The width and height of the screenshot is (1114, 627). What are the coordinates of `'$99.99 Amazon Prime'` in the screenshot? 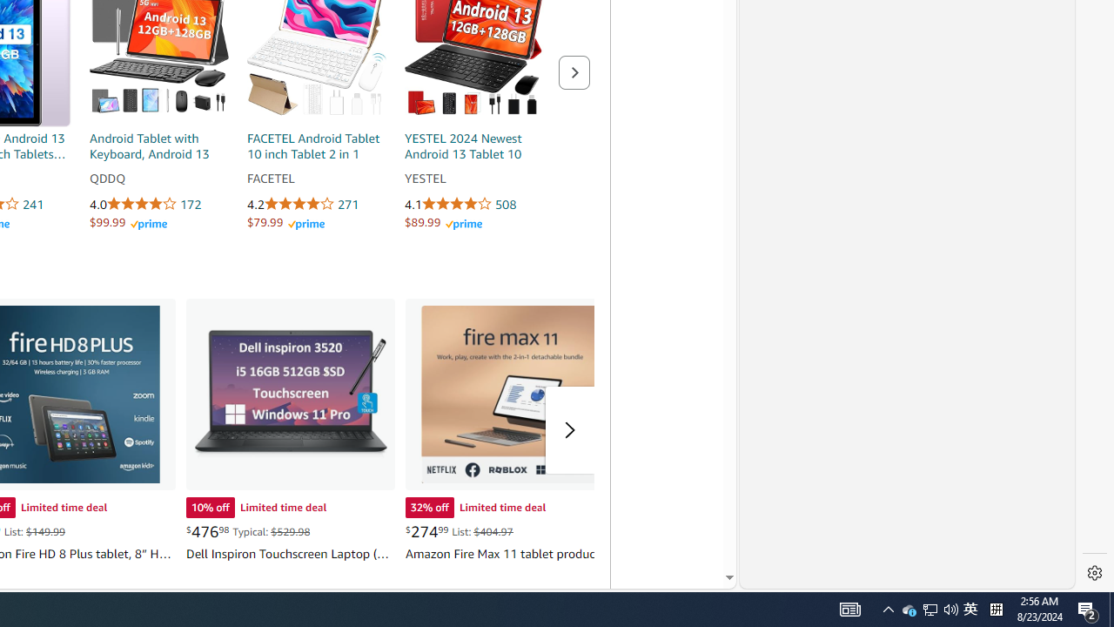 It's located at (127, 221).